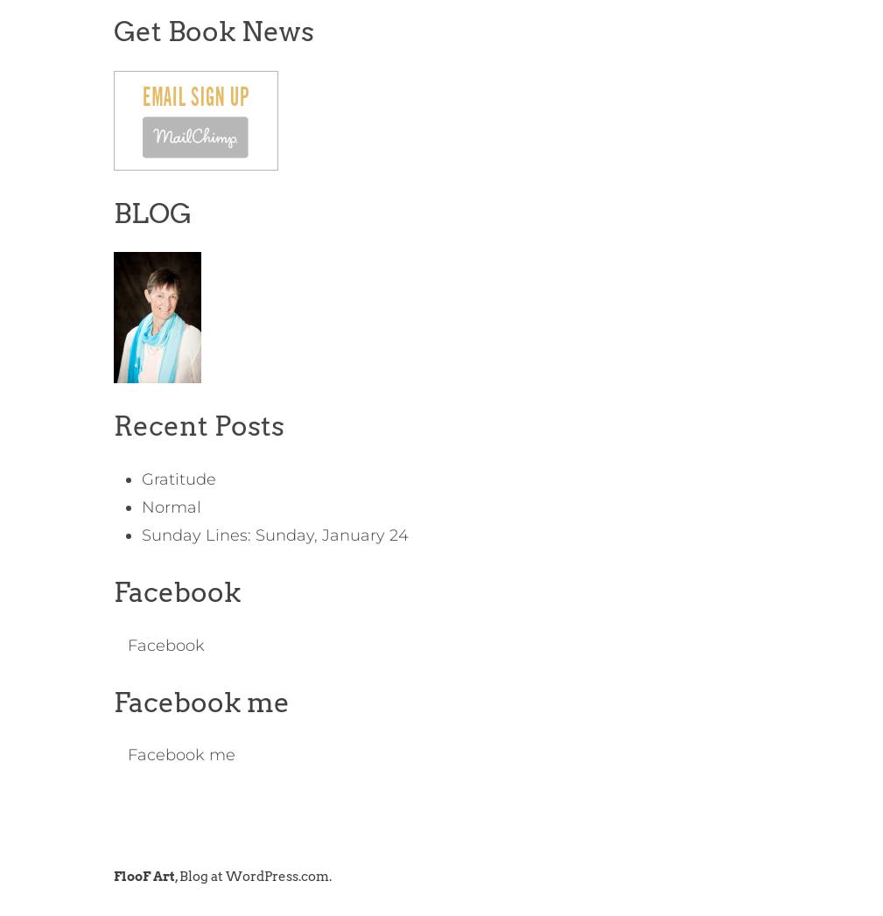  What do you see at coordinates (111, 876) in the screenshot?
I see `'FlooF Art'` at bounding box center [111, 876].